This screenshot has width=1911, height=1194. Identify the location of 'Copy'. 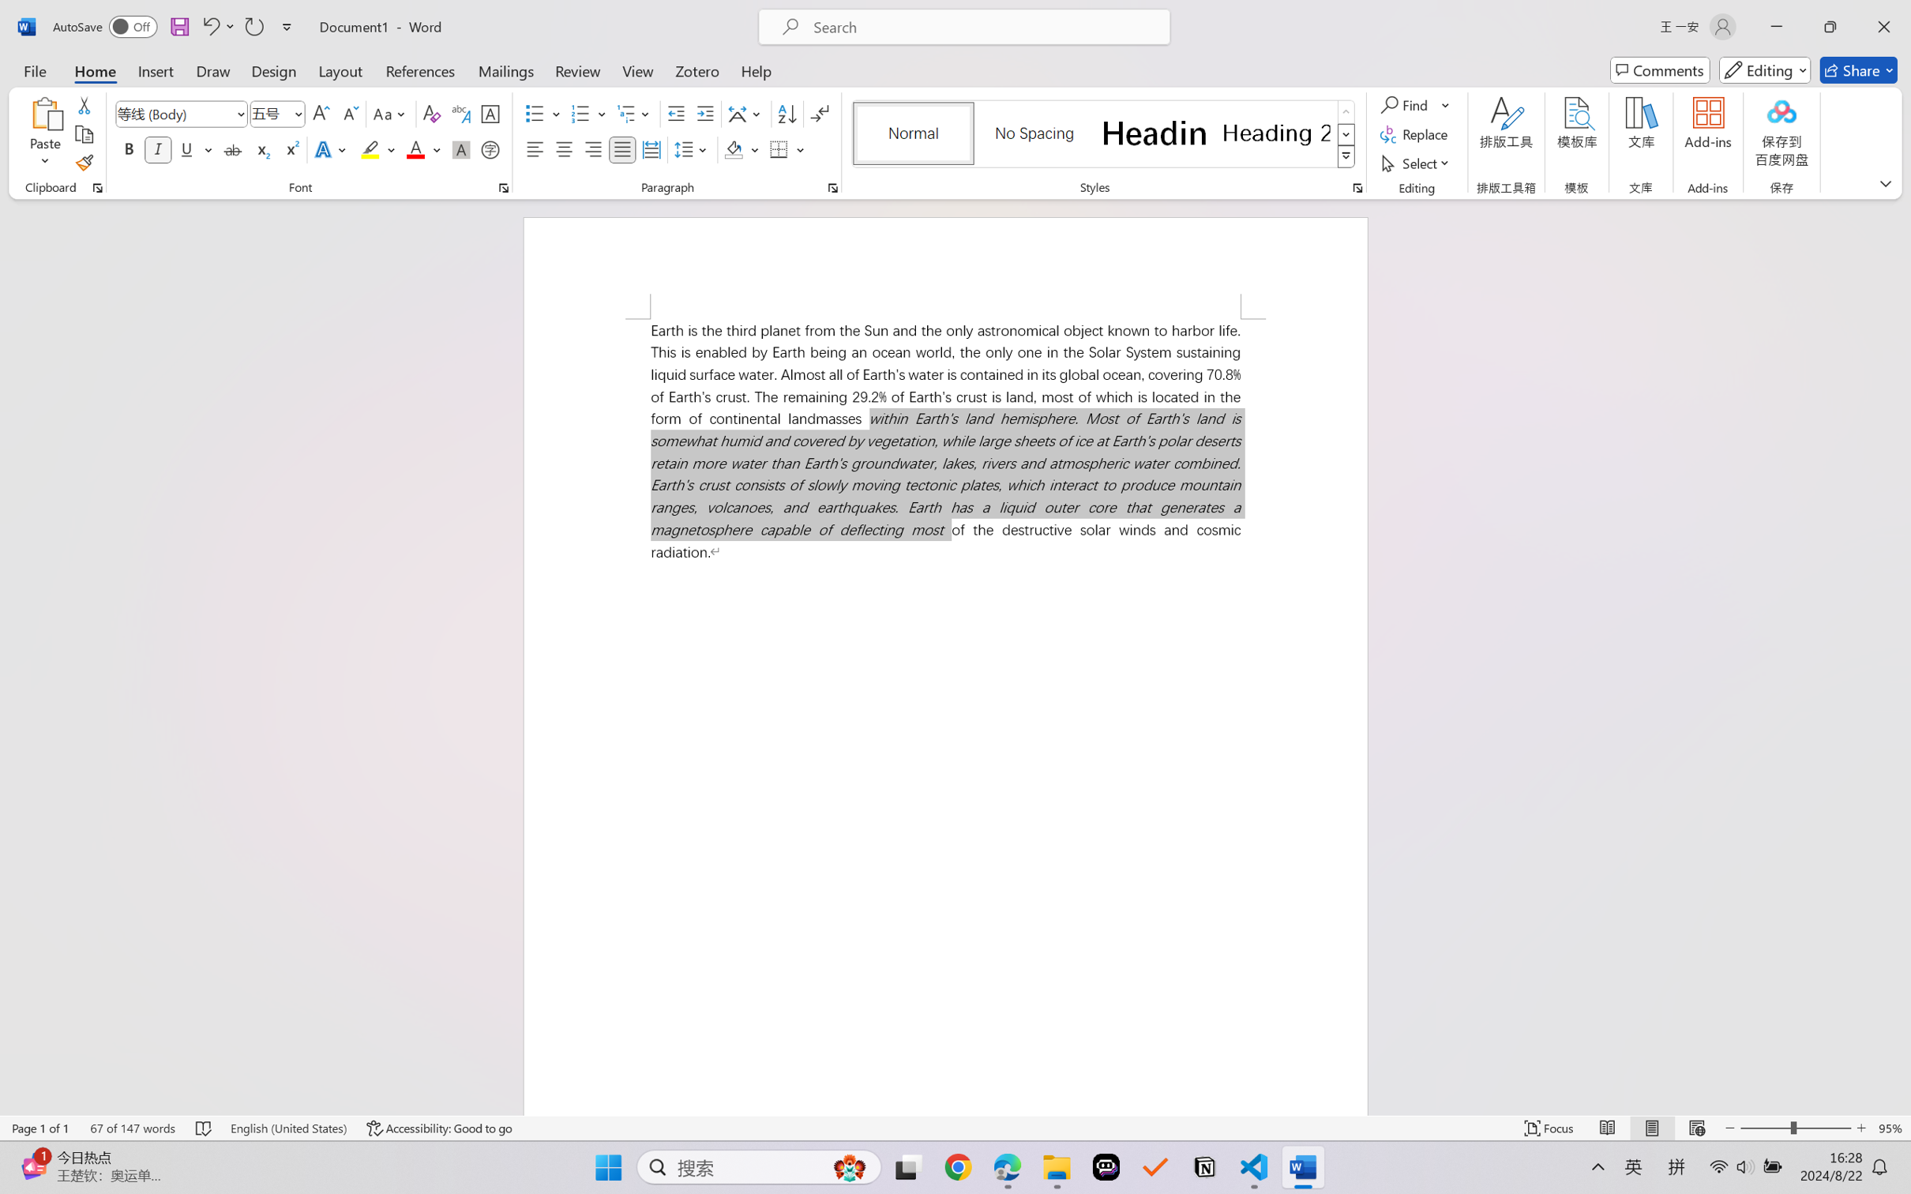
(83, 134).